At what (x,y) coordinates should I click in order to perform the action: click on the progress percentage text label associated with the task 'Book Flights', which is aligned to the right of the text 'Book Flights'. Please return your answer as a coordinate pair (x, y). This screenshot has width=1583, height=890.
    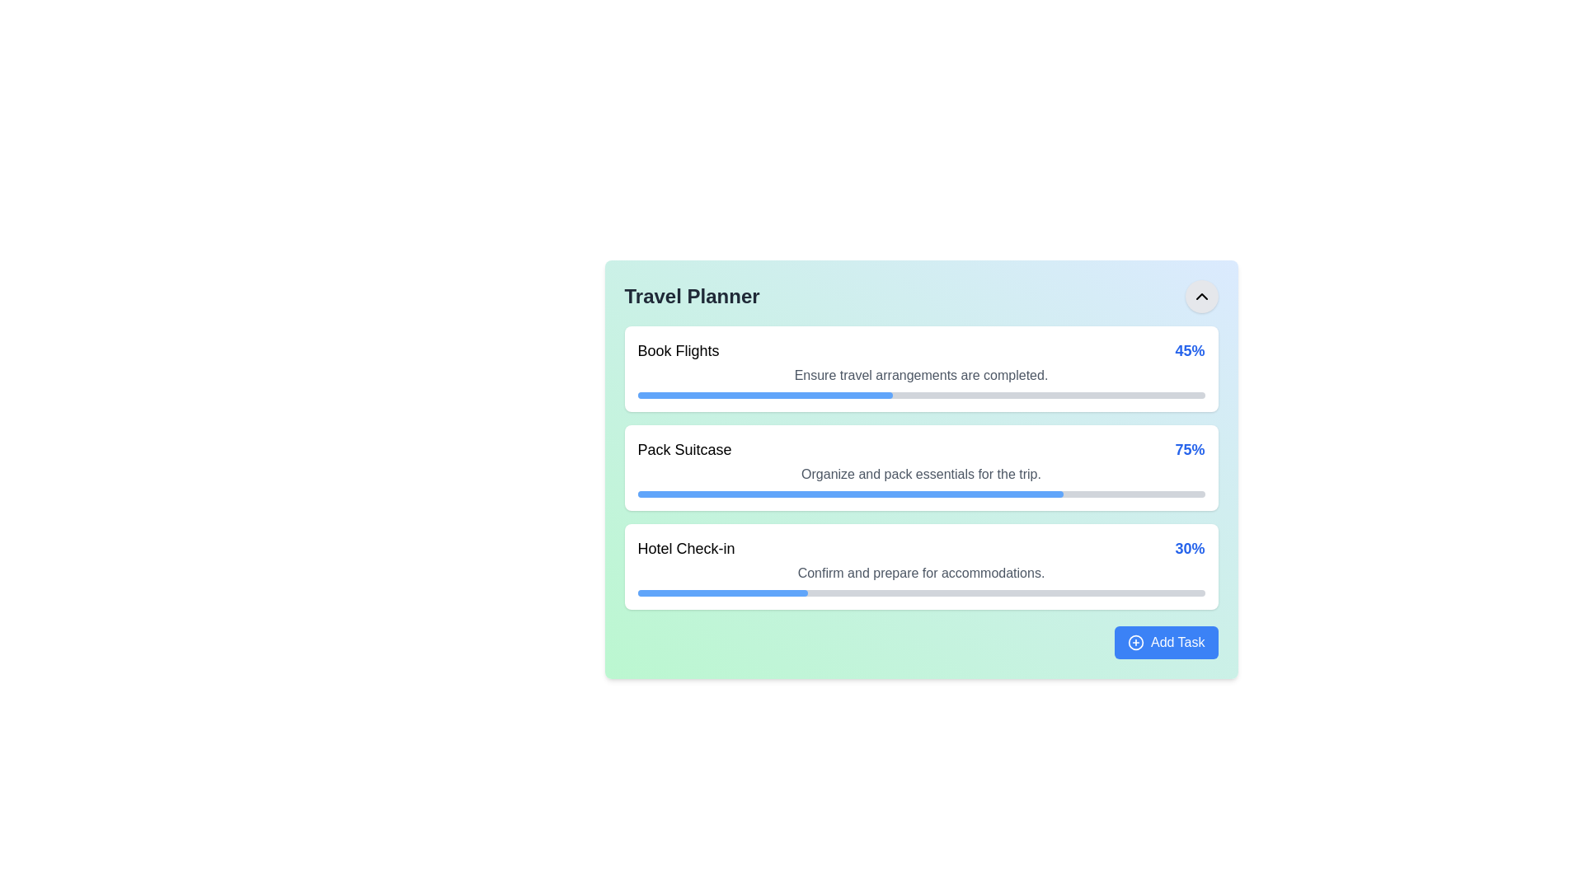
    Looking at the image, I should click on (1190, 349).